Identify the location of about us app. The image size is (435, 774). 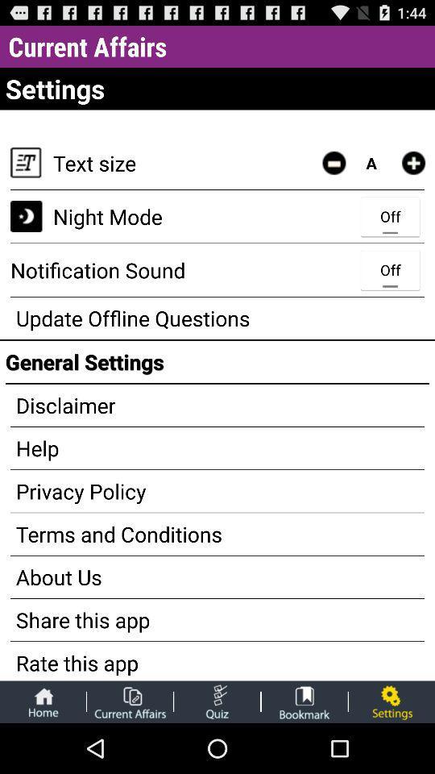
(217, 576).